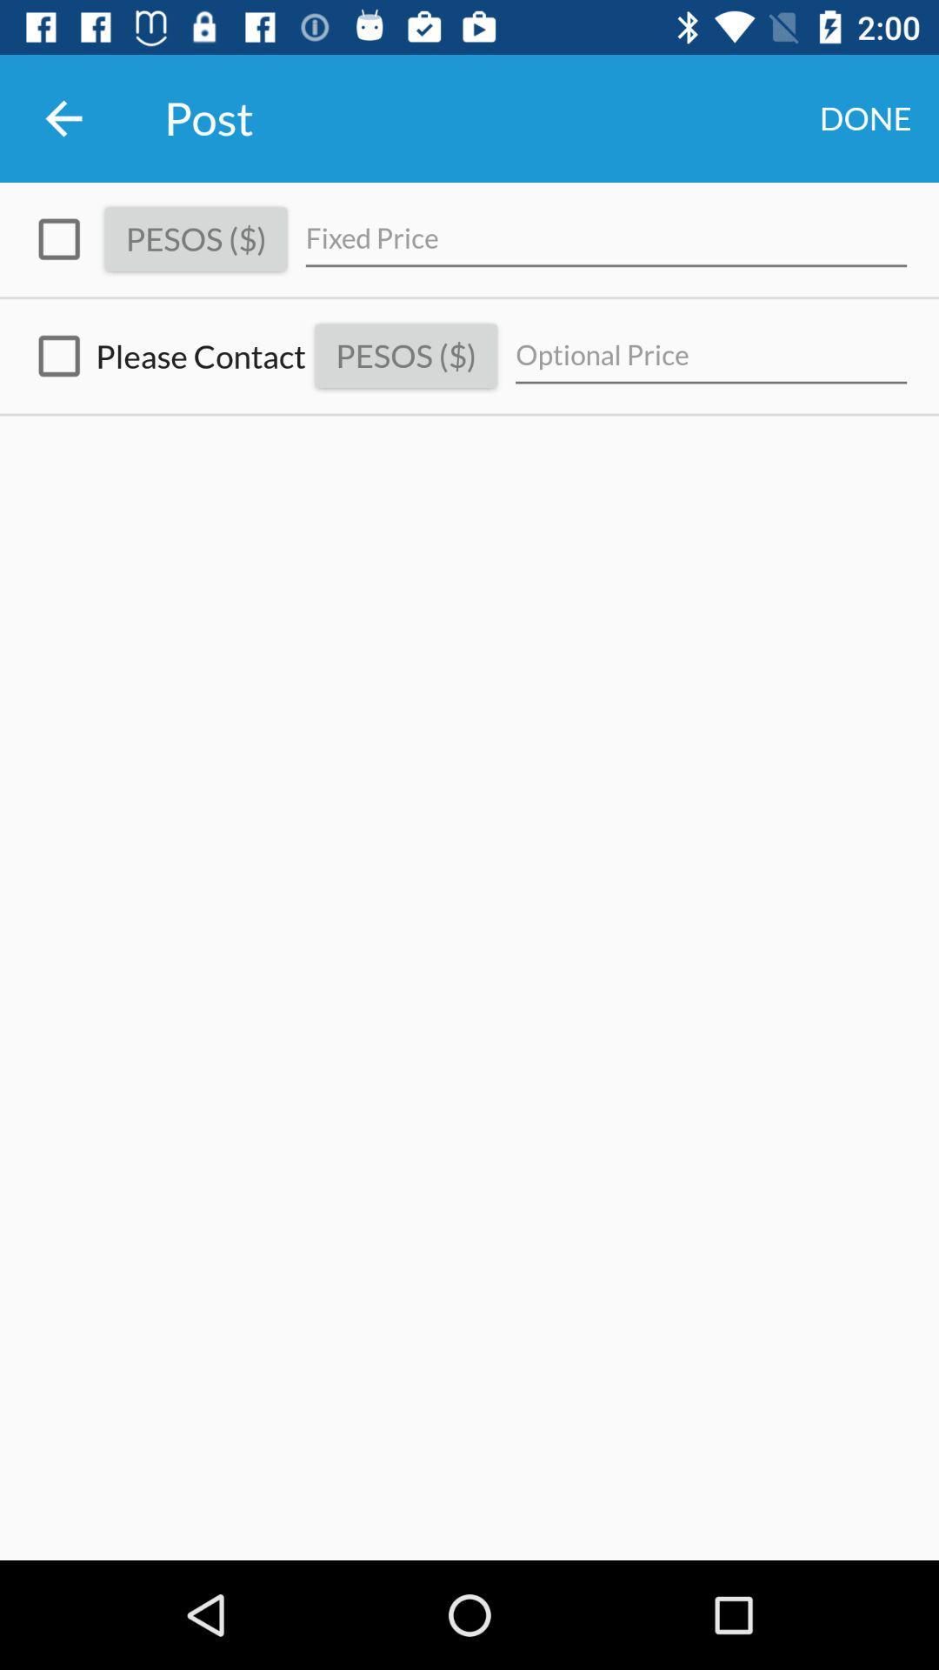  I want to click on icon to the left of pesos ($), so click(58, 238).